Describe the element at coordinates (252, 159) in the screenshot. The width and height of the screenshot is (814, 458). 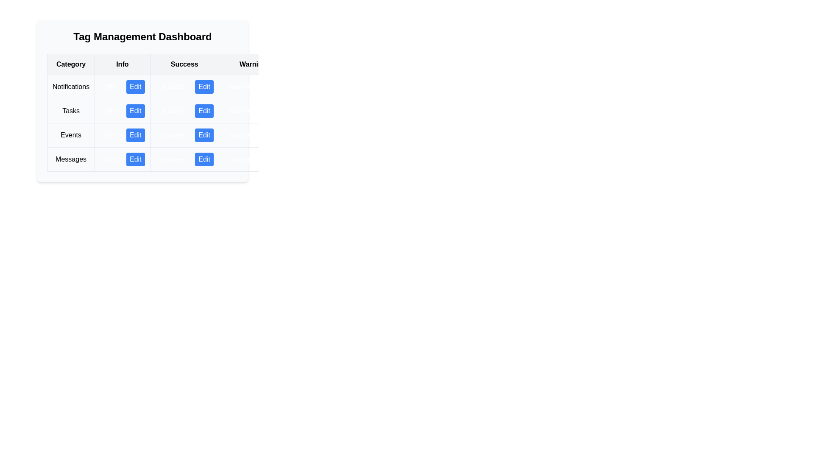
I see `the 'Edit' button within the Composite element labeled 'warning' to modify the associated data` at that location.